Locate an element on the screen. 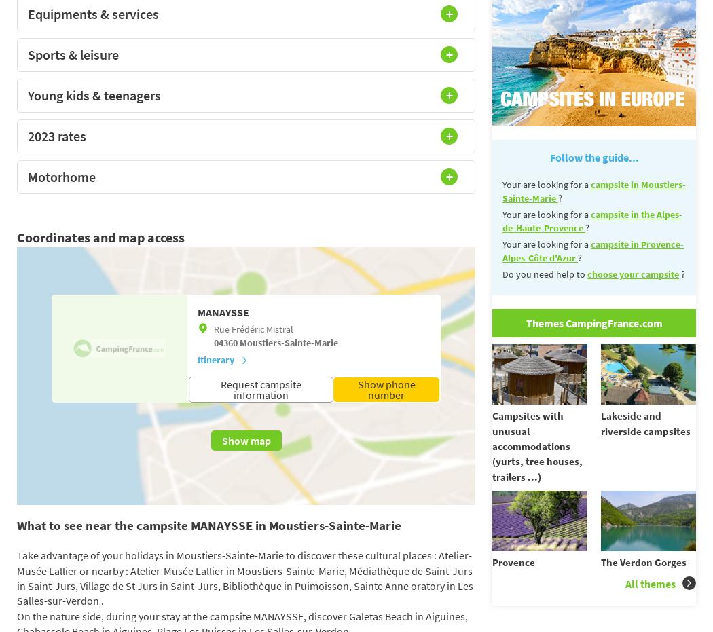 This screenshot has height=632, width=713. 'What to see near the campsite MANAYSSE in Moustiers-Sainte-Marie' is located at coordinates (208, 525).